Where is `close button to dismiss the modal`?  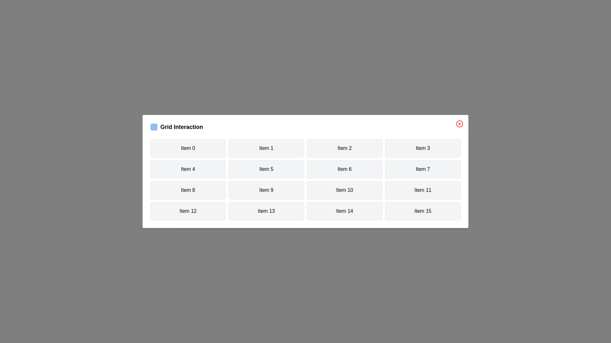 close button to dismiss the modal is located at coordinates (460, 124).